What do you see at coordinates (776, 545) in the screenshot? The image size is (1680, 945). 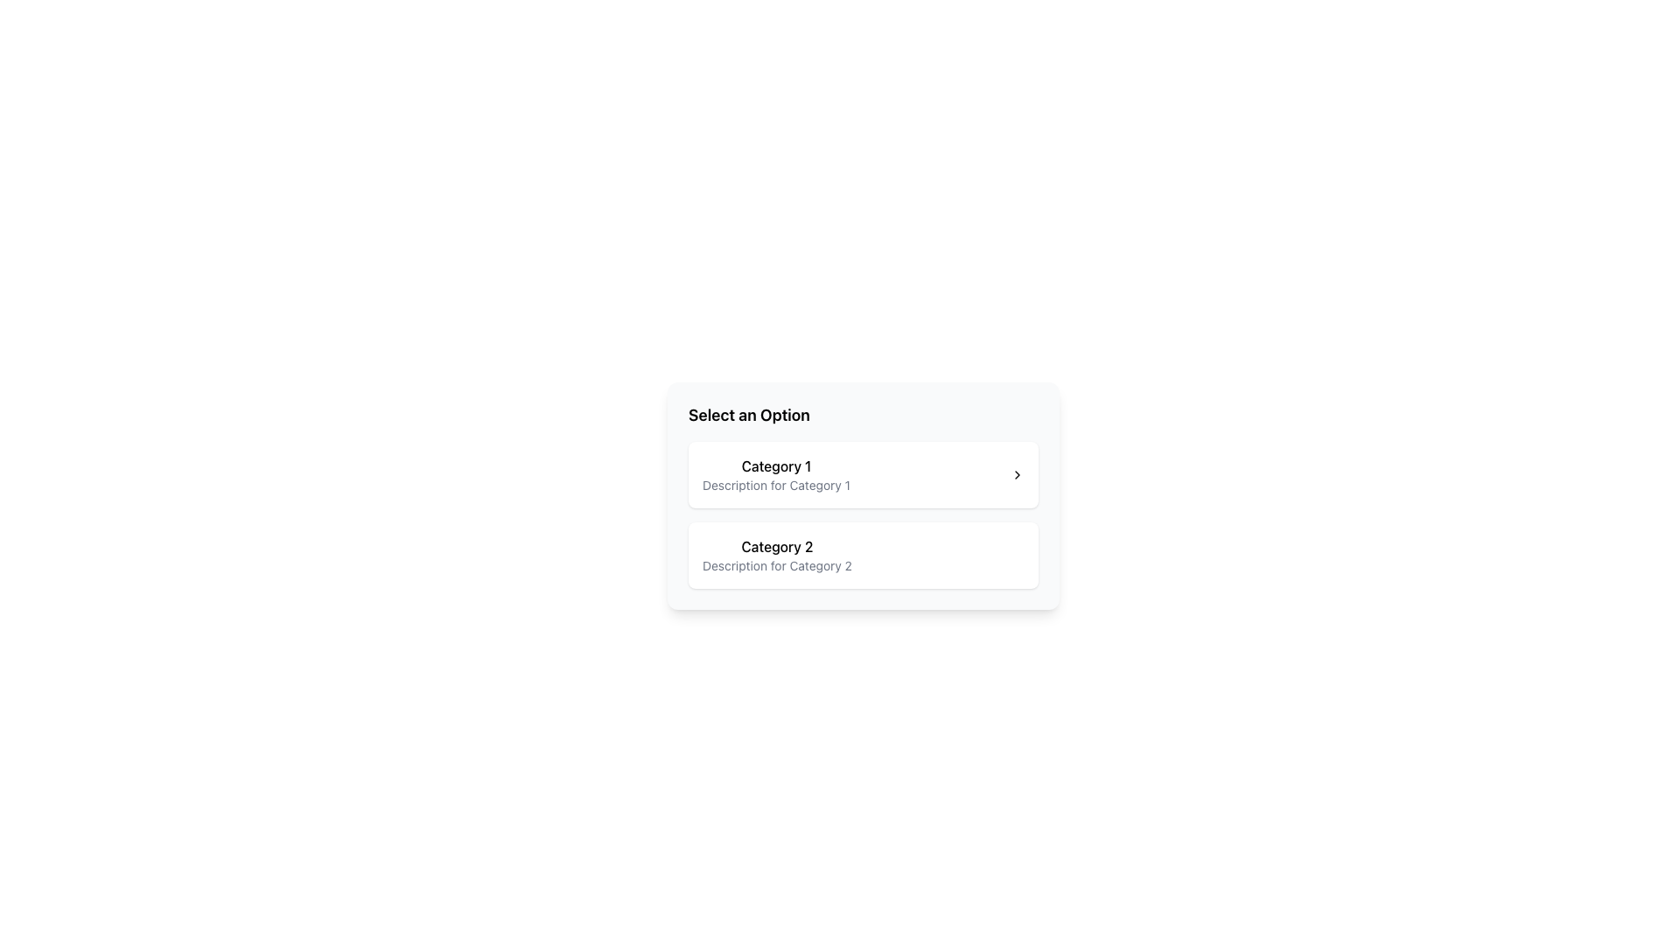 I see `text label 'Category 2' in the second option card to gather information about this category` at bounding box center [776, 545].